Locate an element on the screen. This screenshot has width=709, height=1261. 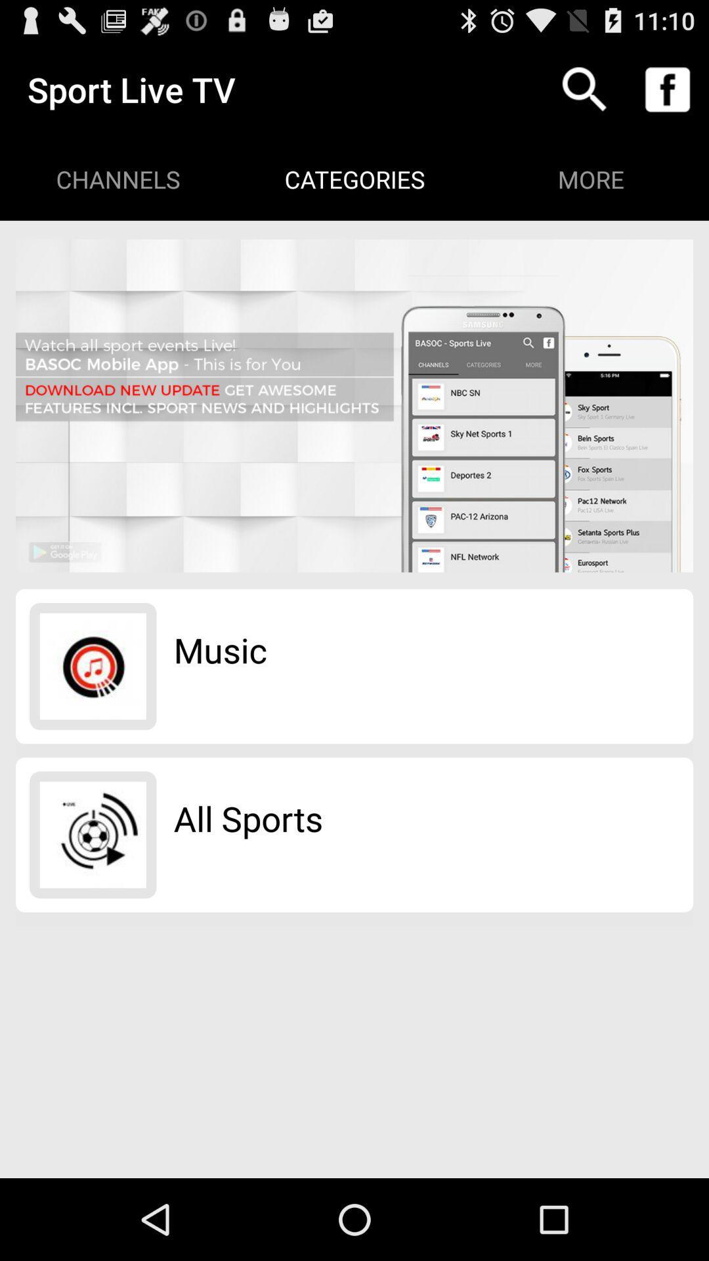
icon above more is located at coordinates (584, 89).